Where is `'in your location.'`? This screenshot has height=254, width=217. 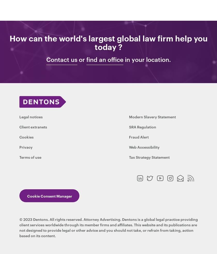 'in your location.' is located at coordinates (147, 59).